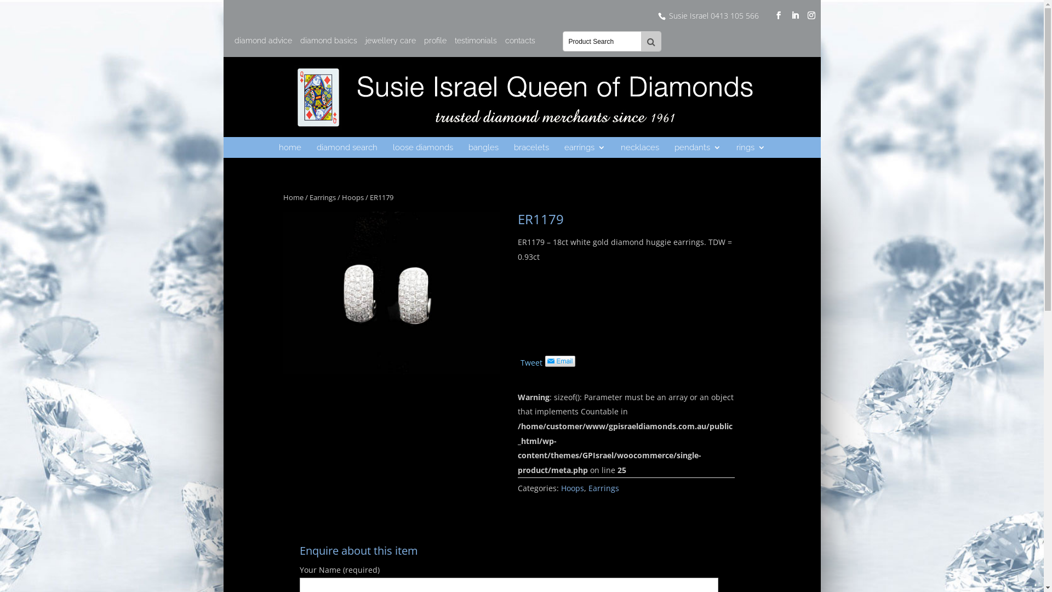 Image resolution: width=1052 pixels, height=592 pixels. What do you see at coordinates (390, 43) in the screenshot?
I see `'jewellery care'` at bounding box center [390, 43].